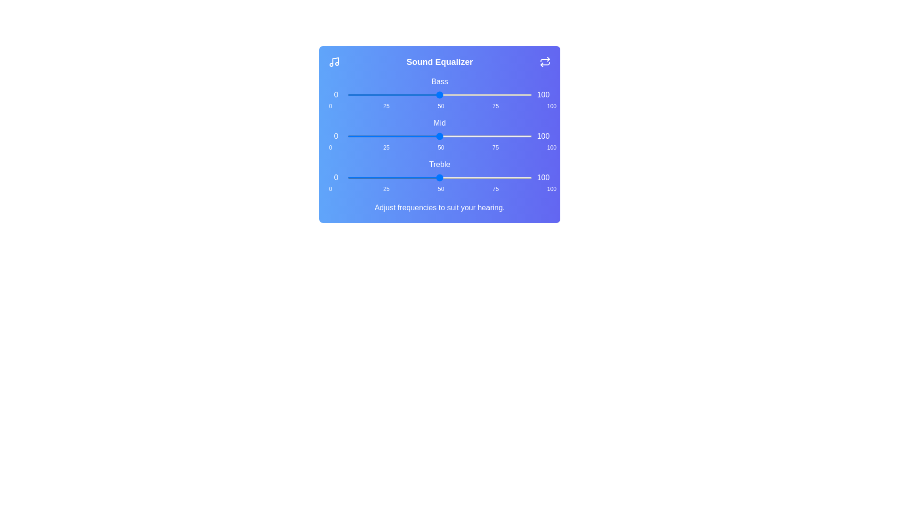  What do you see at coordinates (371, 95) in the screenshot?
I see `the bass slider to 13%` at bounding box center [371, 95].